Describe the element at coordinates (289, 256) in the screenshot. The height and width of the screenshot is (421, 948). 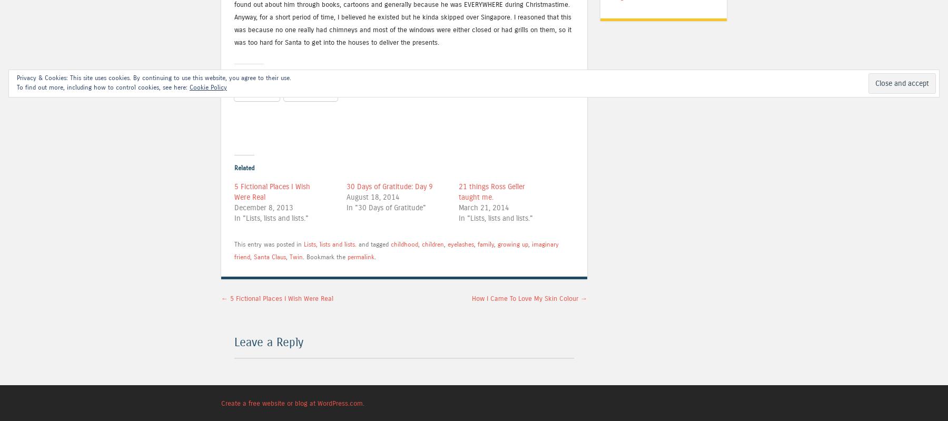
I see `'Twin'` at that location.